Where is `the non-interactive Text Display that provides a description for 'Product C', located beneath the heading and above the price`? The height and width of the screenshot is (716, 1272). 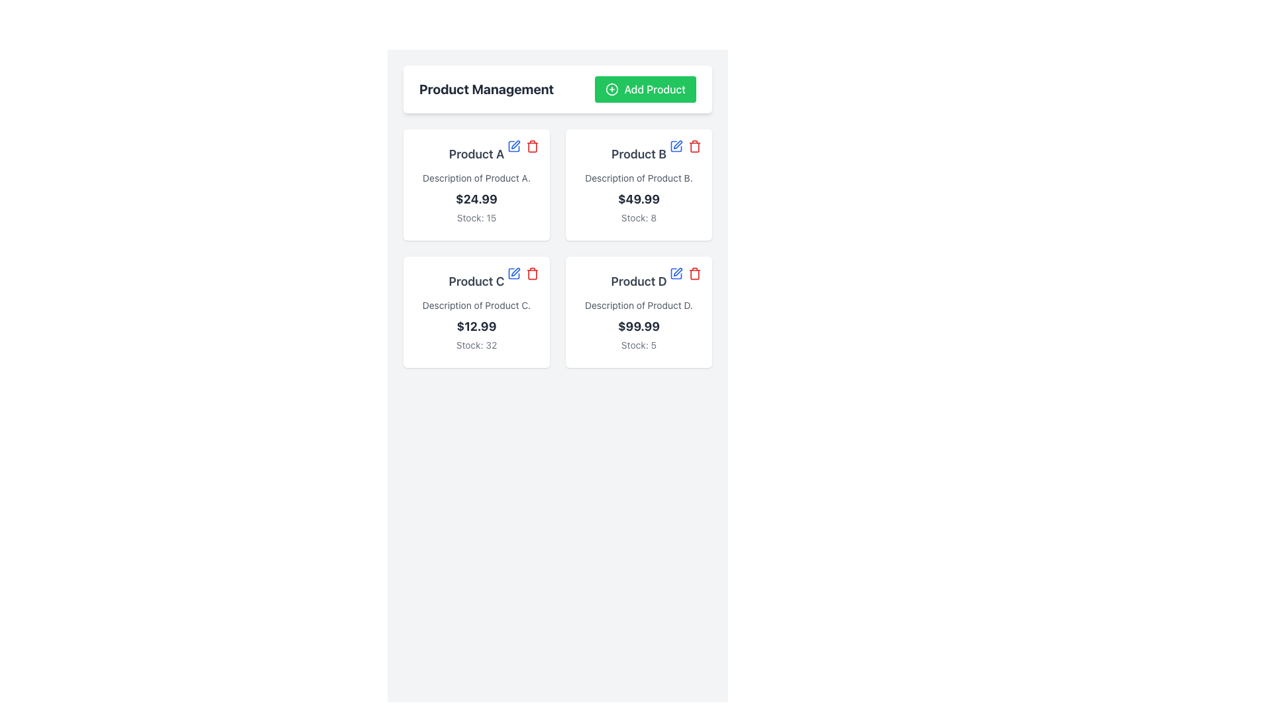
the non-interactive Text Display that provides a description for 'Product C', located beneath the heading and above the price is located at coordinates (476, 306).